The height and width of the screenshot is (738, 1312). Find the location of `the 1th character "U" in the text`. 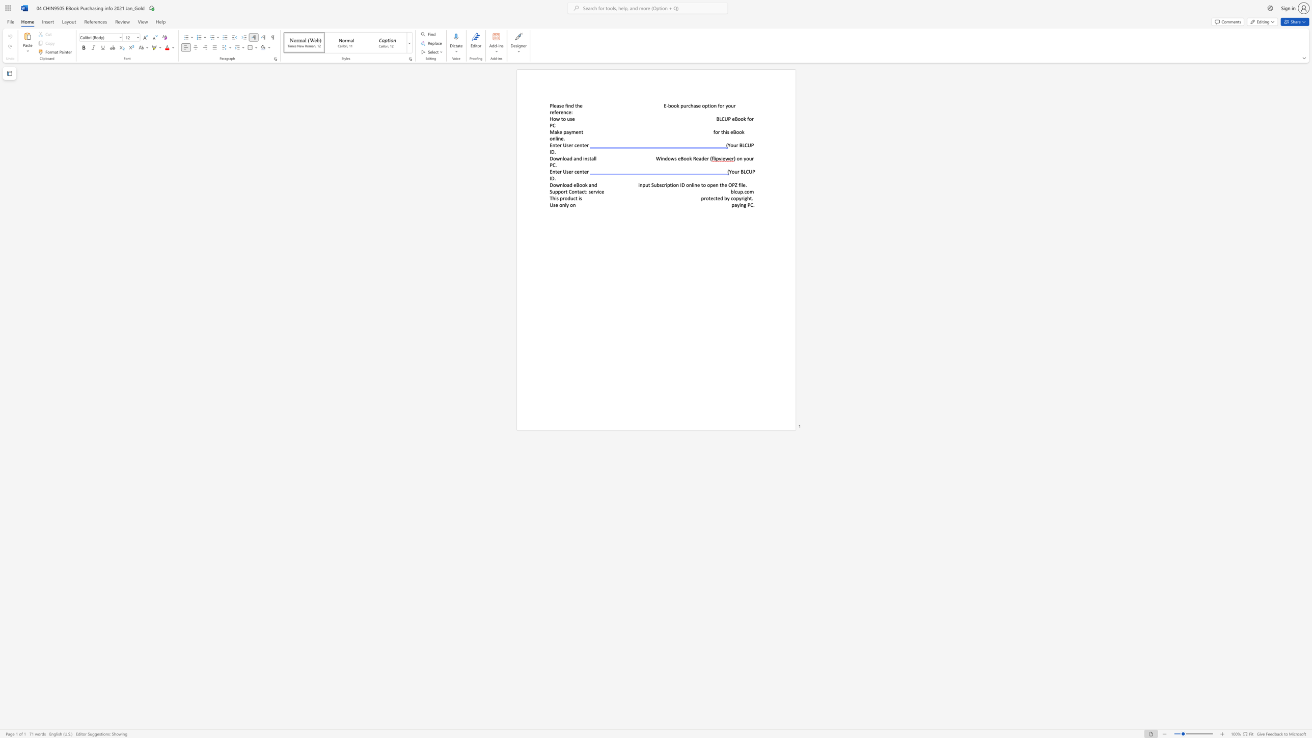

the 1th character "U" in the text is located at coordinates (564, 171).